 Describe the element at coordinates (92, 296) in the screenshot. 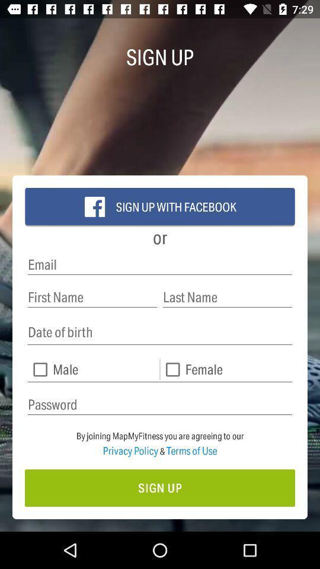

I see `the name box` at that location.